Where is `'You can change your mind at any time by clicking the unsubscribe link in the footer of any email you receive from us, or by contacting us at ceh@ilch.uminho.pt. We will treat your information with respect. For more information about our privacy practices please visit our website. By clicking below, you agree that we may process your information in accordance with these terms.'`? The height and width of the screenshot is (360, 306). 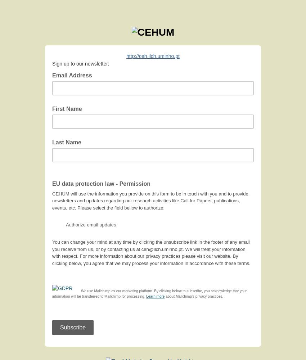
'You can change your mind at any time by clicking the unsubscribe link in the footer of any email you receive from us, or by contacting us at ceh@ilch.uminho.pt. We will treat your information with respect. For more information about our privacy practices please visit our website. By clicking below, you agree that we may process your information in accordance with these terms.' is located at coordinates (151, 252).